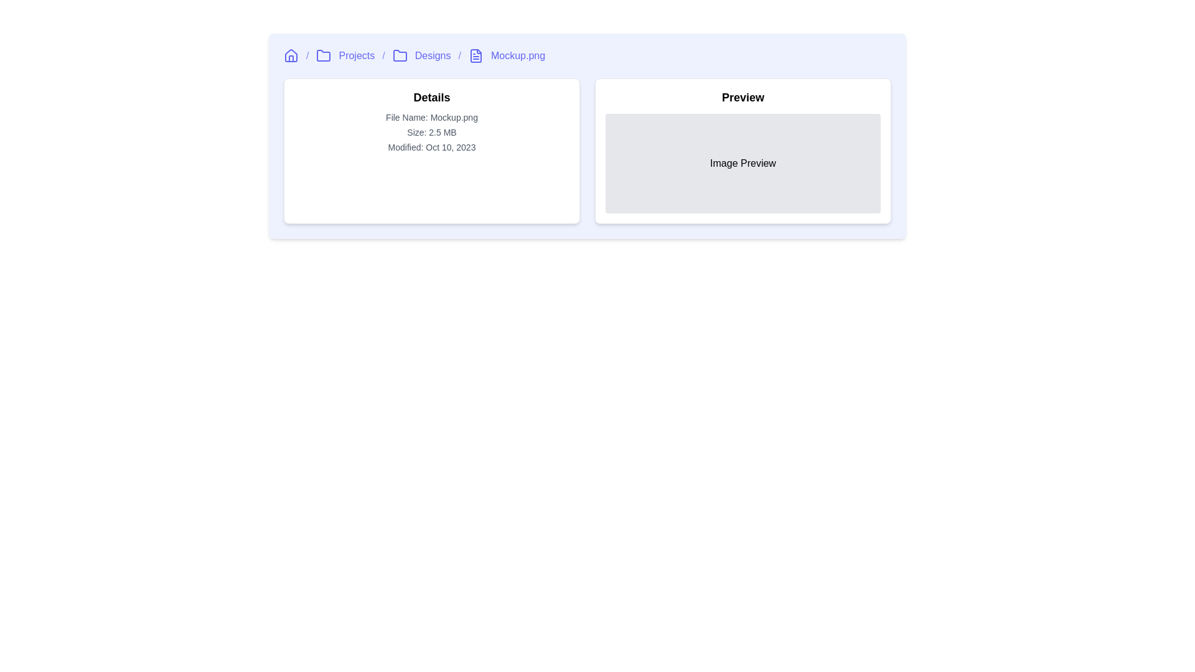 This screenshot has height=672, width=1195. What do you see at coordinates (433, 55) in the screenshot?
I see `the medium-sized text label displaying 'Designs' in the breadcrumb navigation bar, which is the sixth element in the sequence` at bounding box center [433, 55].